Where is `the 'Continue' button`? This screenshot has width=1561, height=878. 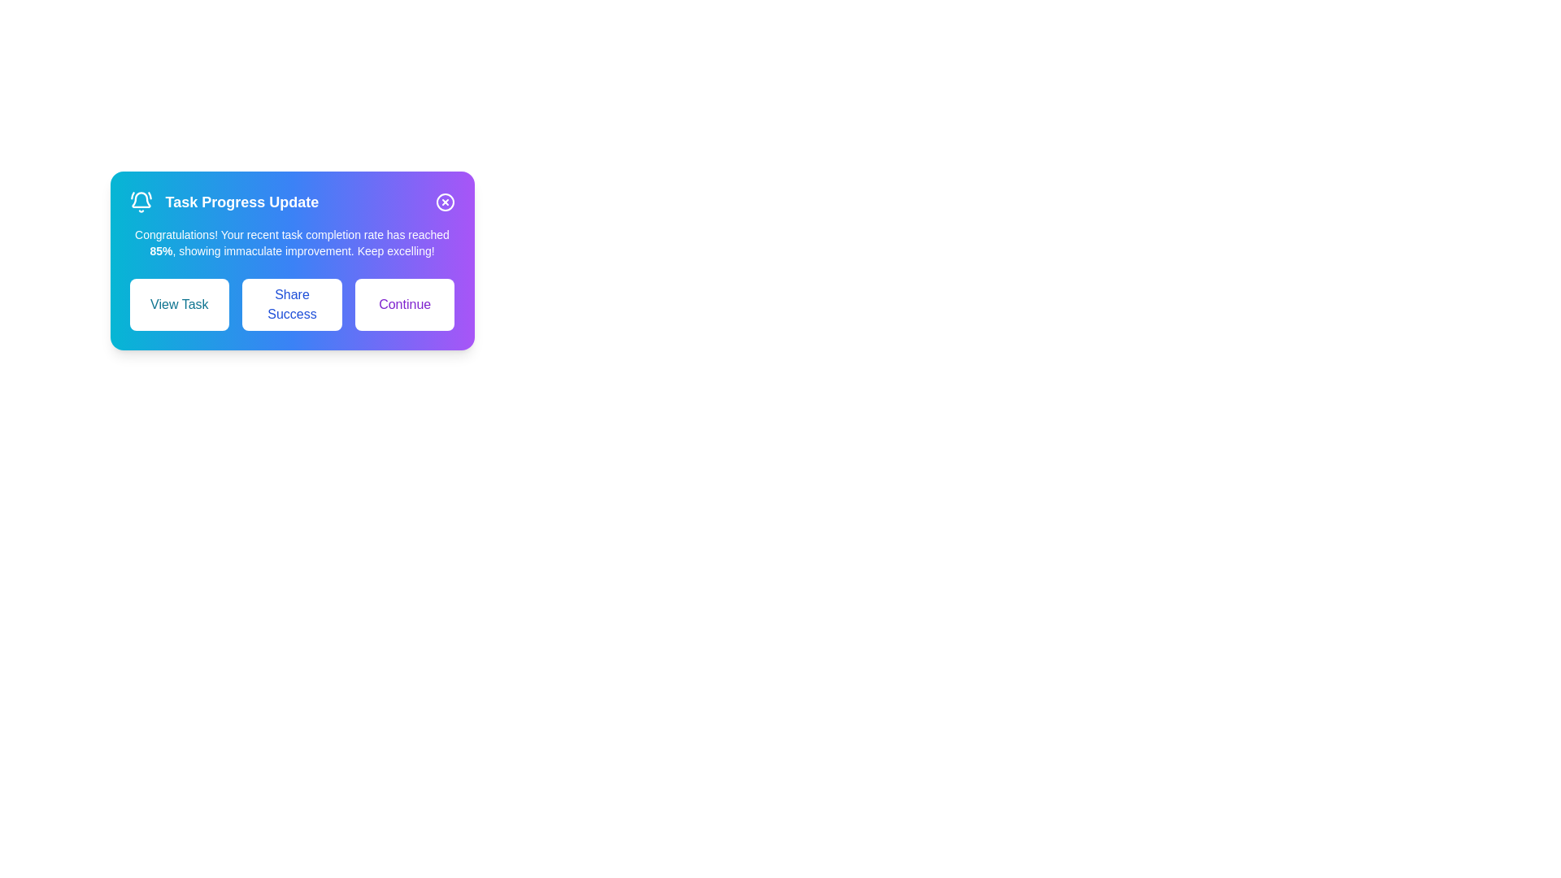
the 'Continue' button is located at coordinates (405, 304).